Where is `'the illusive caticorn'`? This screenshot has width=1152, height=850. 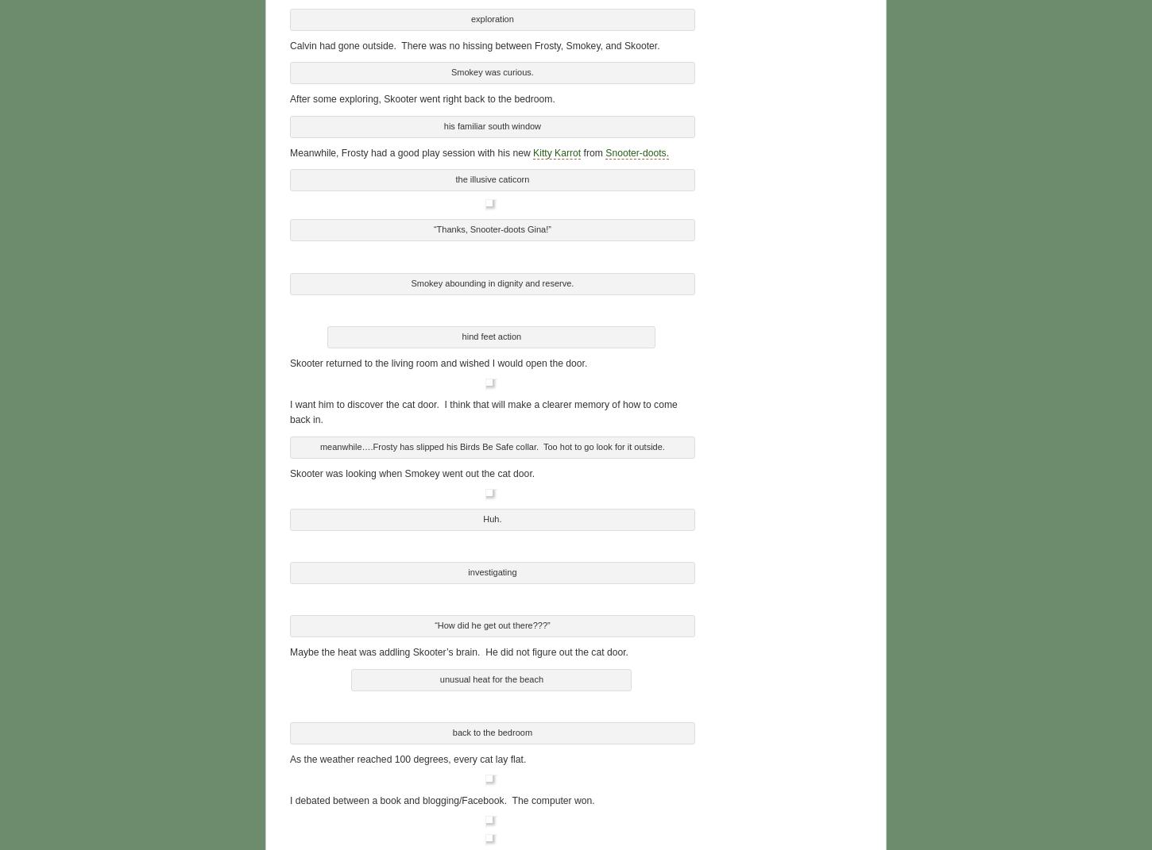 'the illusive caticorn' is located at coordinates (491, 177).